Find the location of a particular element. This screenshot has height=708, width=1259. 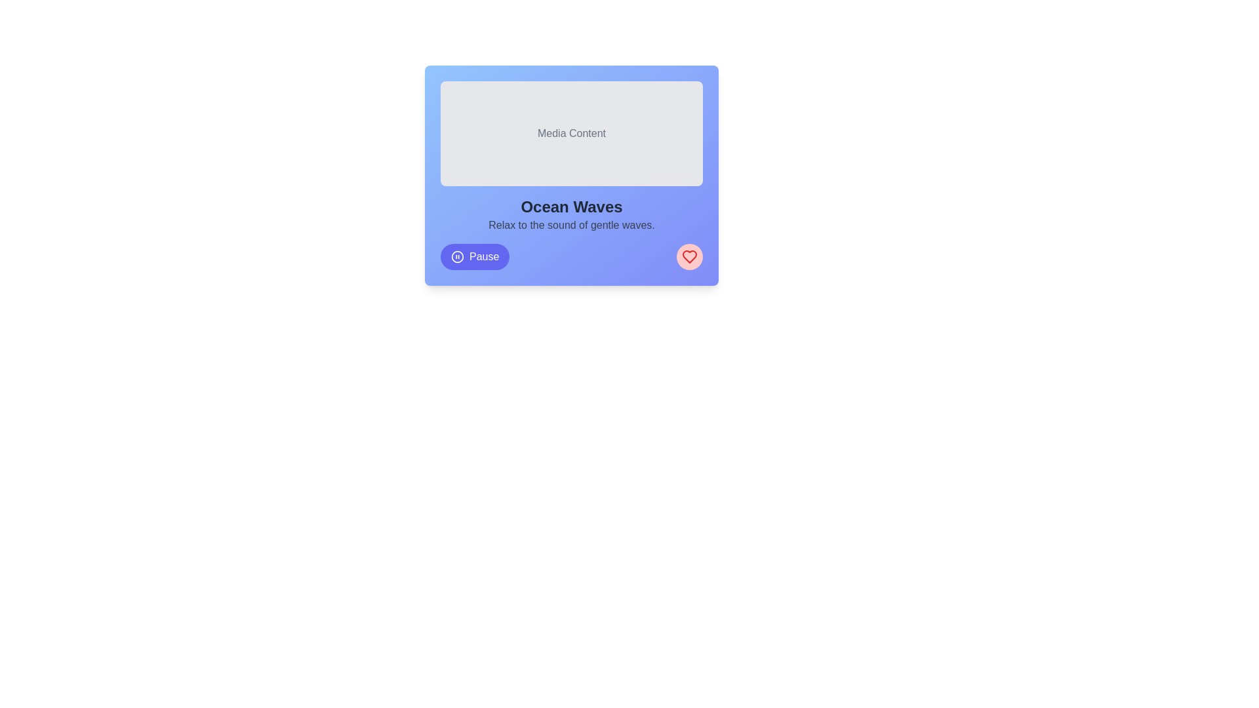

the heart-shaped icon located at the bottom-right area of the card interface is located at coordinates (689, 257).